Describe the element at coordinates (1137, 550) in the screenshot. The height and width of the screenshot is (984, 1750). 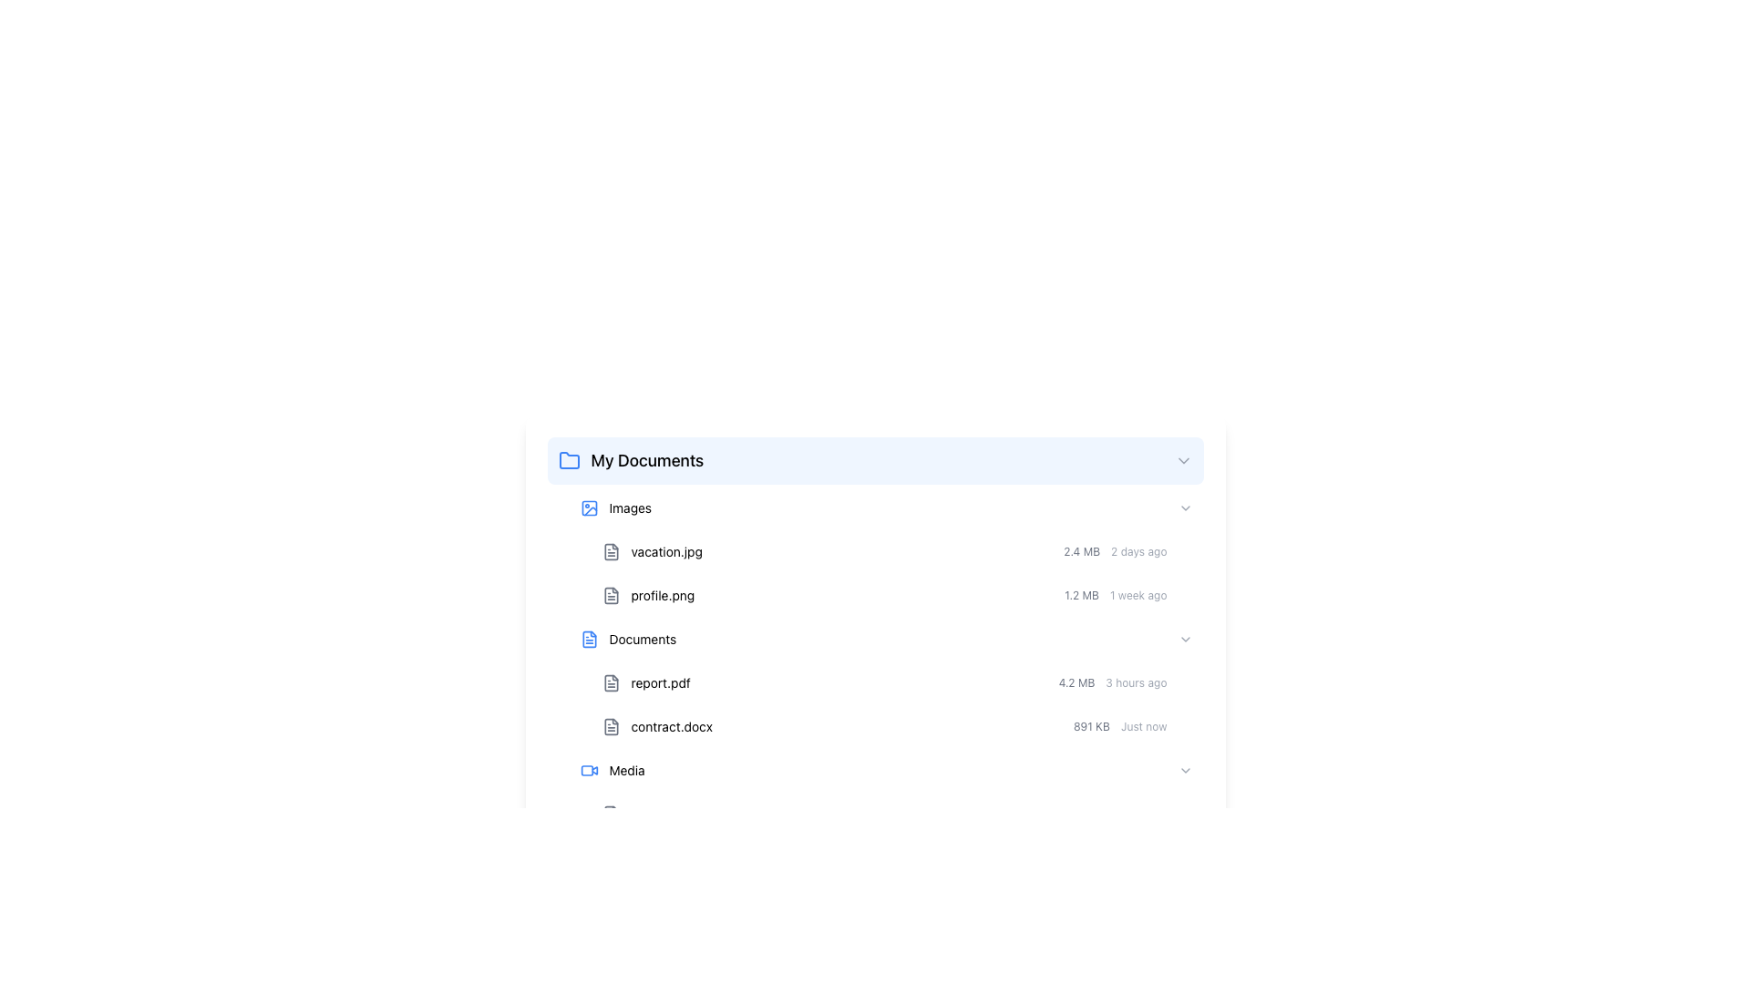
I see `the text label that displays the last modified or accessed time for the file 'vacation.jpg', located to the far-right of the file size information ('2.4 MB')` at that location.